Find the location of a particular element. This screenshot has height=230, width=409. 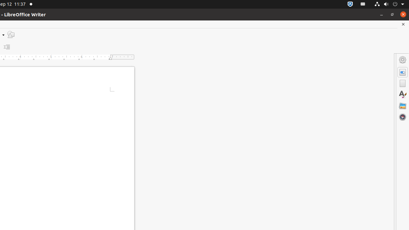

'org.kde.StatusNotifierItem-14077-1' is located at coordinates (363, 4).